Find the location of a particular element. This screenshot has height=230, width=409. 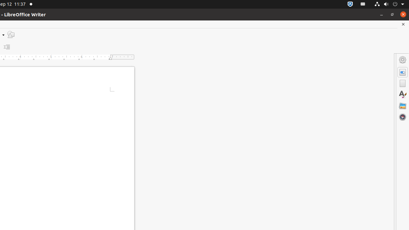

'org.kde.StatusNotifierItem-14077-1' is located at coordinates (363, 4).